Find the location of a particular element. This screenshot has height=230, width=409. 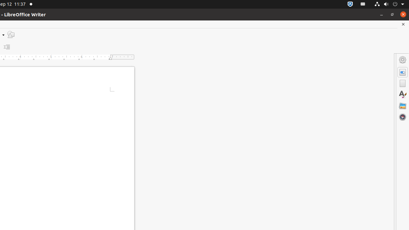

'org.kde.StatusNotifierItem-14077-1' is located at coordinates (363, 4).